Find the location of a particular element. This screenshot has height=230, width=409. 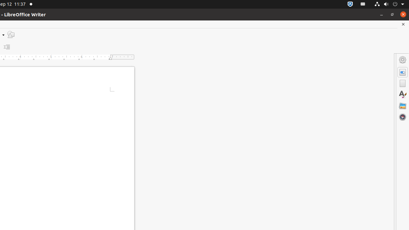

'org.kde.StatusNotifierItem-14077-1' is located at coordinates (363, 4).